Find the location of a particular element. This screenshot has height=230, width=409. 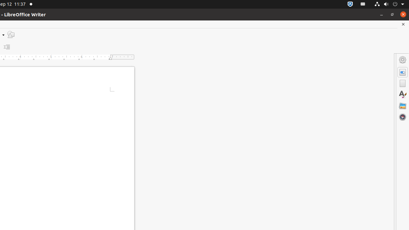

'org.kde.StatusNotifierItem-14077-1' is located at coordinates (363, 4).